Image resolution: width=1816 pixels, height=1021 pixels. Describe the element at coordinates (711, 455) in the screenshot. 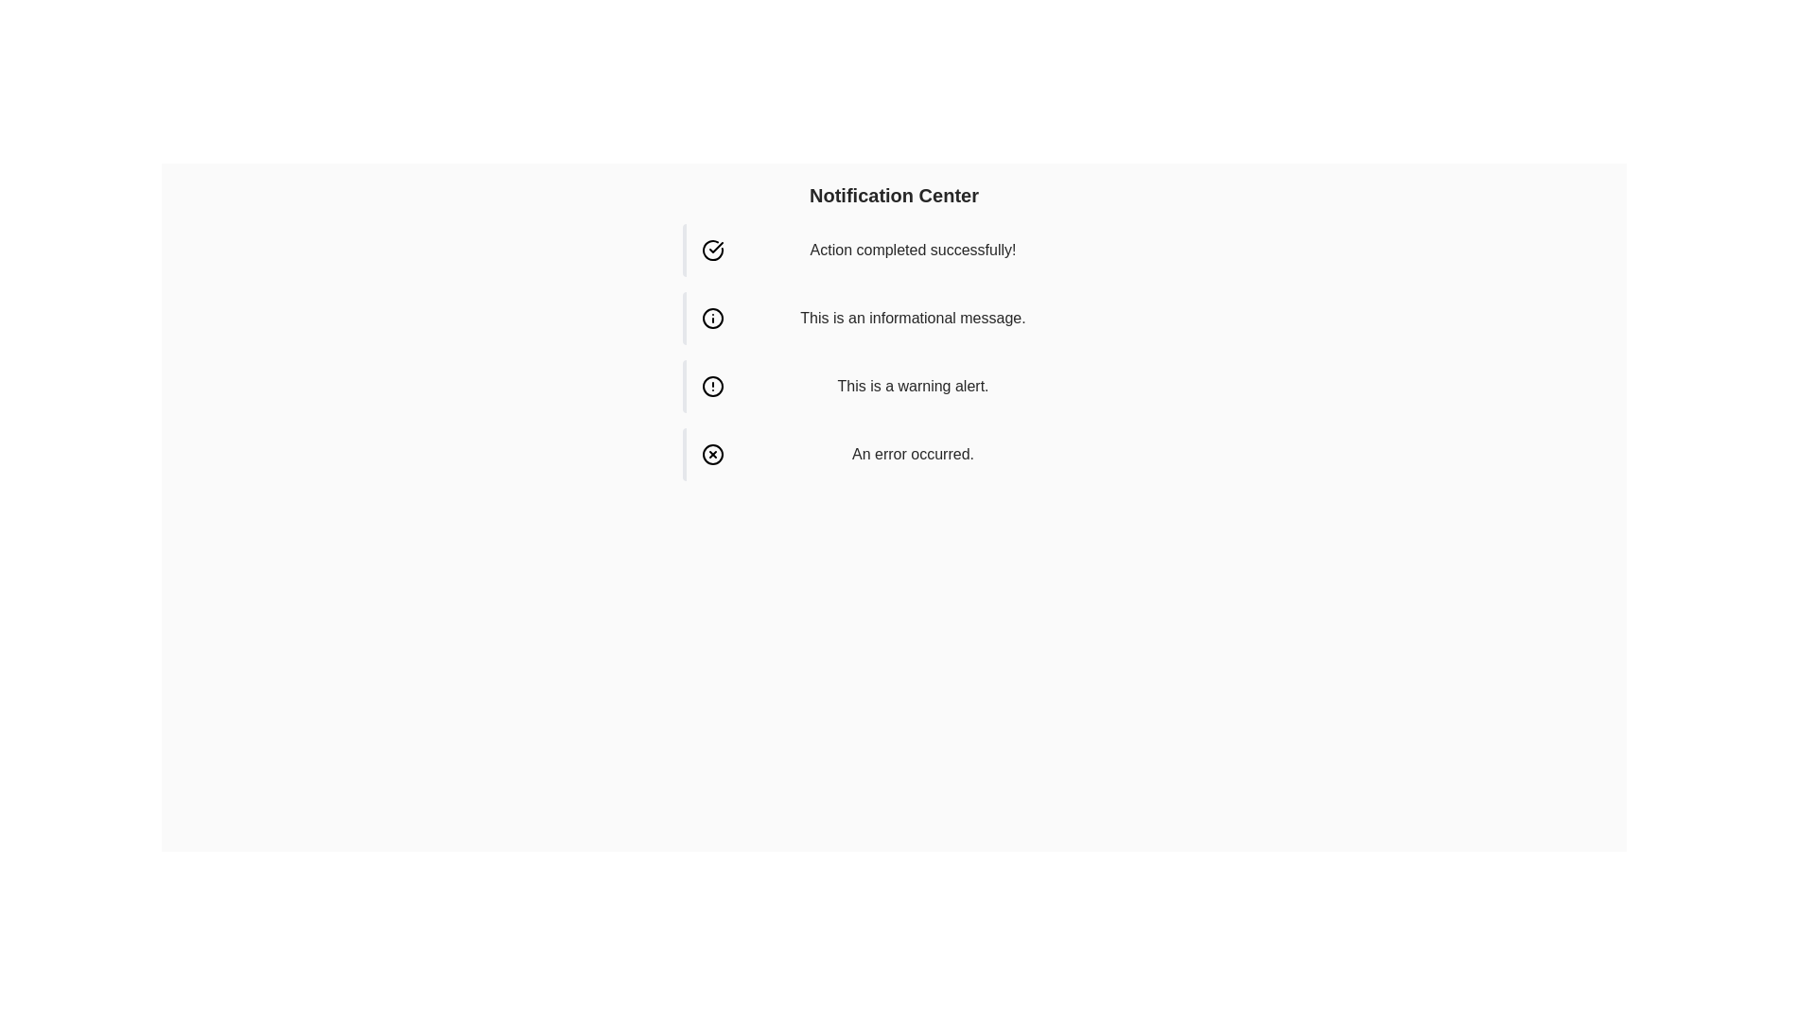

I see `the error SVG icon that signifies a failed operation, located to the left of the text 'An error occurred.' at the bottom of the notification list` at that location.